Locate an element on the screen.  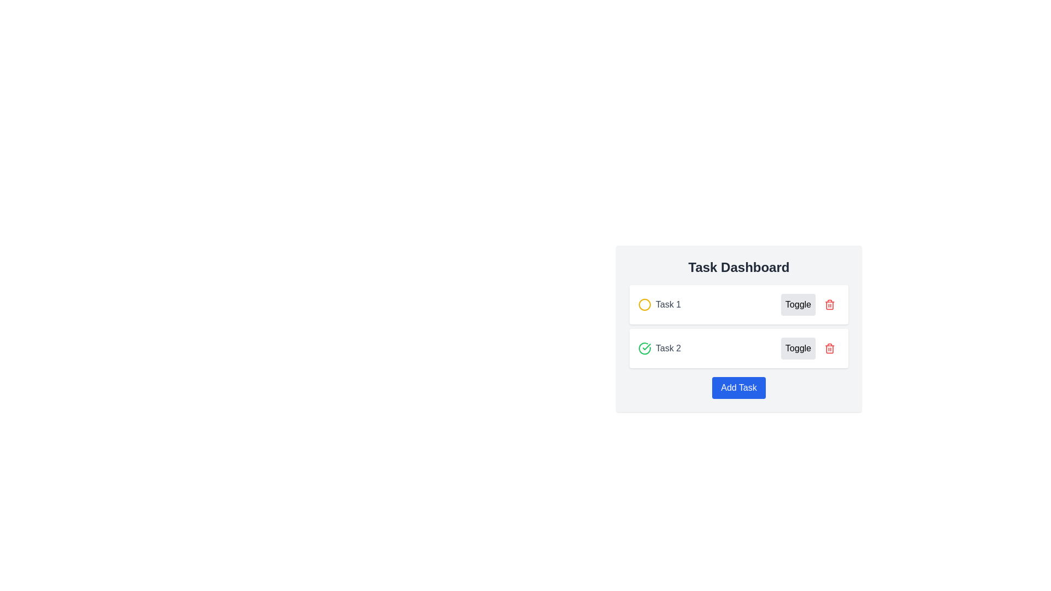
the toggle button located to the right of the 'Task 2' label in the second row of the task list is located at coordinates (810, 348).